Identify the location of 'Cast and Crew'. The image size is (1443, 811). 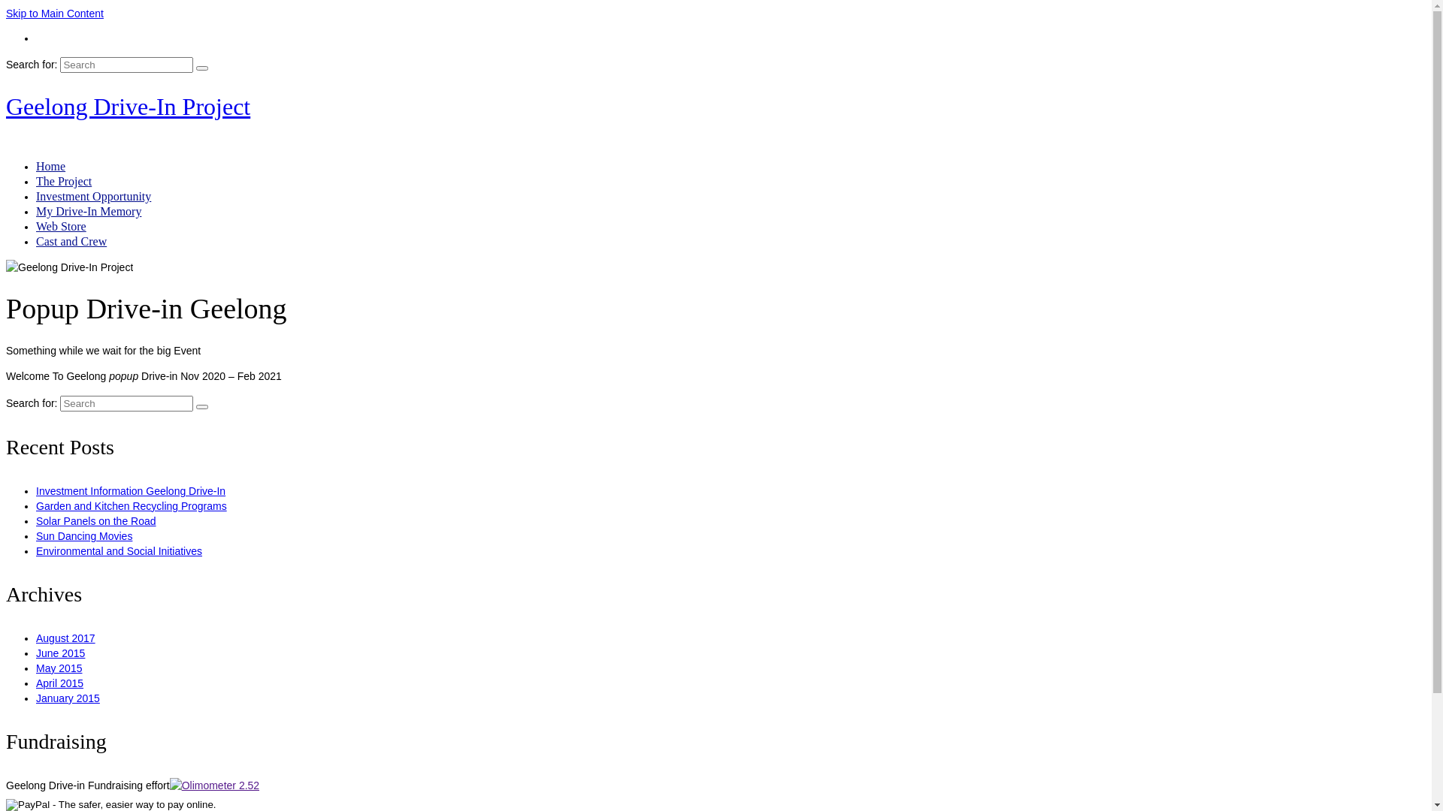
(71, 240).